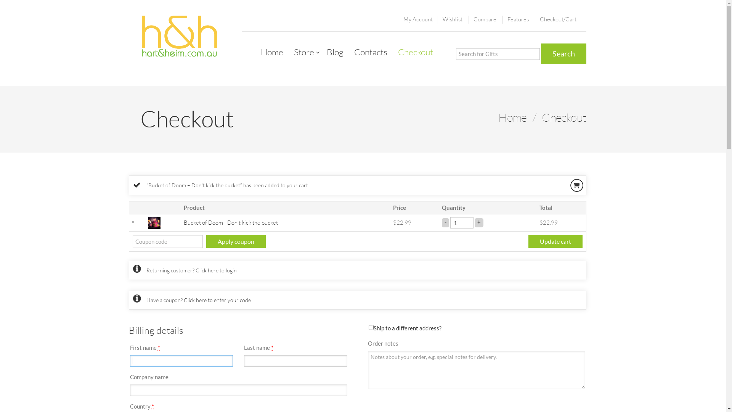 The height and width of the screenshot is (412, 732). What do you see at coordinates (485, 19) in the screenshot?
I see `'Compare'` at bounding box center [485, 19].